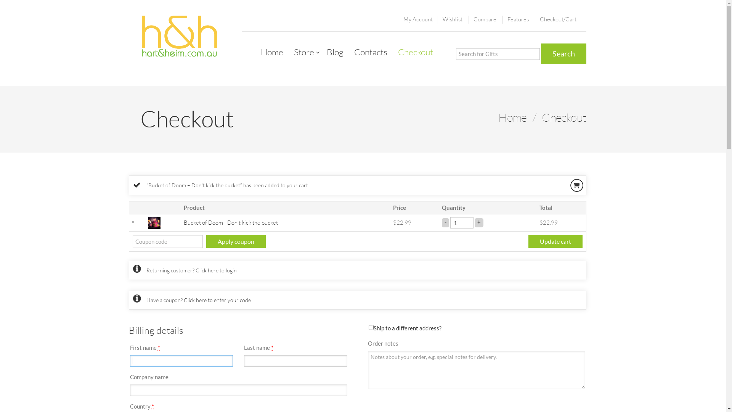 The height and width of the screenshot is (412, 732). What do you see at coordinates (485, 19) in the screenshot?
I see `'Compare'` at bounding box center [485, 19].